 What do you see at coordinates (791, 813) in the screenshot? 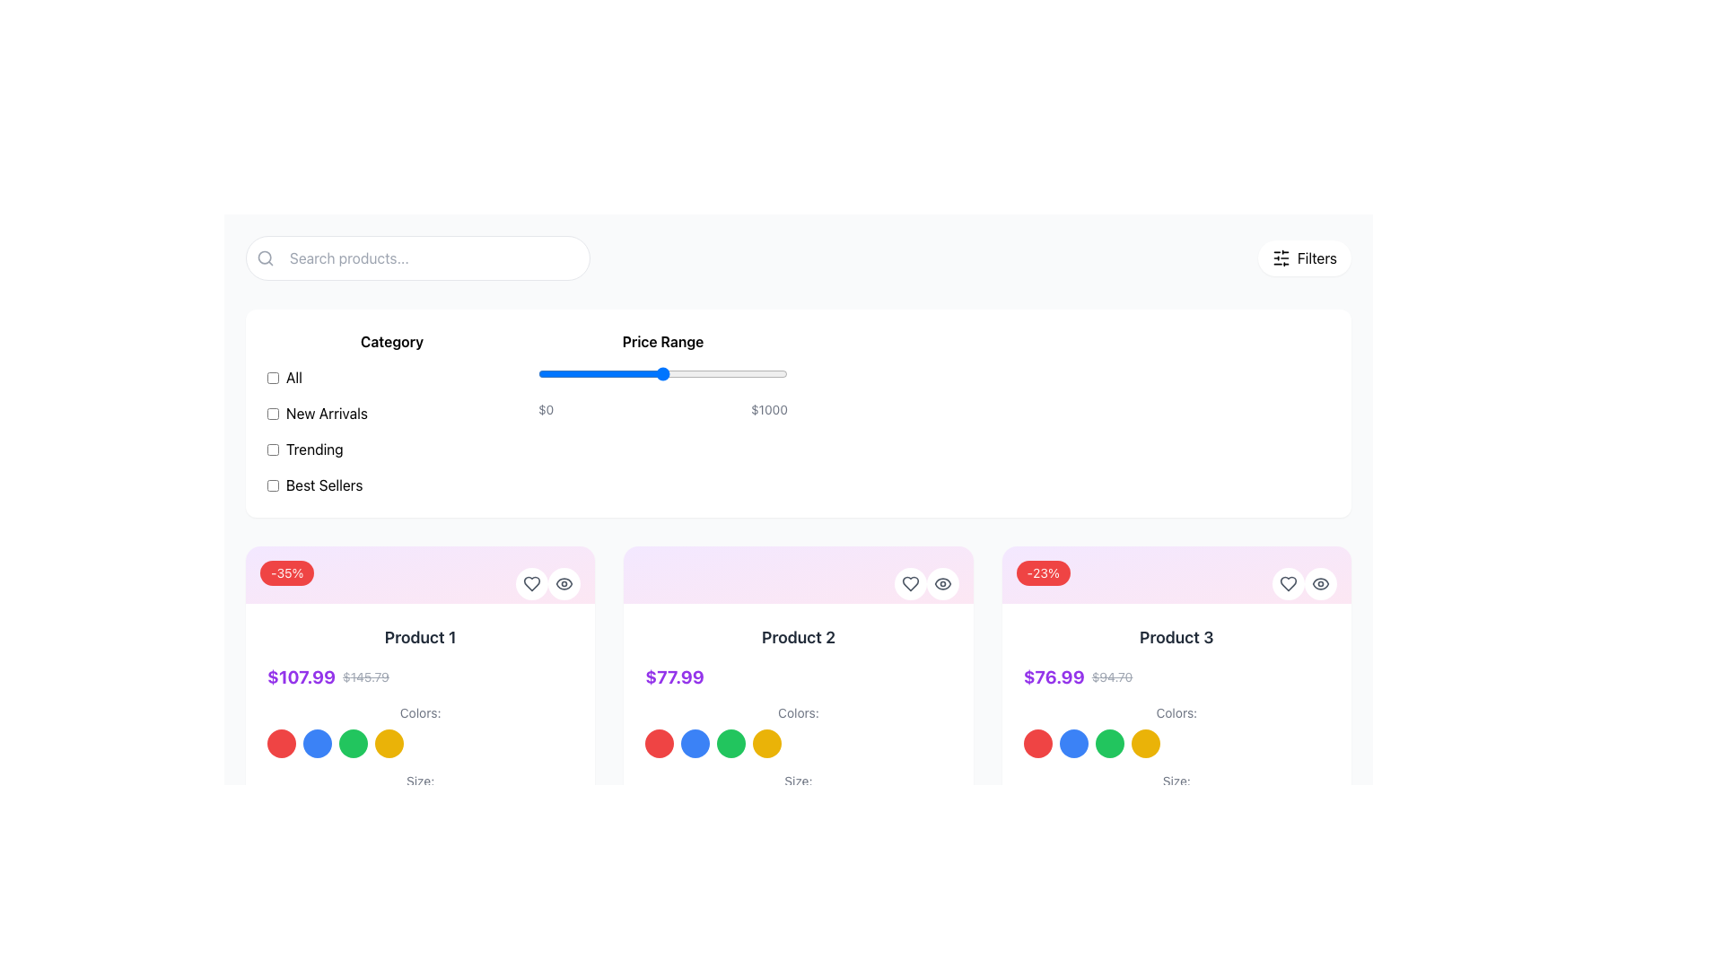
I see `the rounded rectangular button labeled 'L'` at bounding box center [791, 813].